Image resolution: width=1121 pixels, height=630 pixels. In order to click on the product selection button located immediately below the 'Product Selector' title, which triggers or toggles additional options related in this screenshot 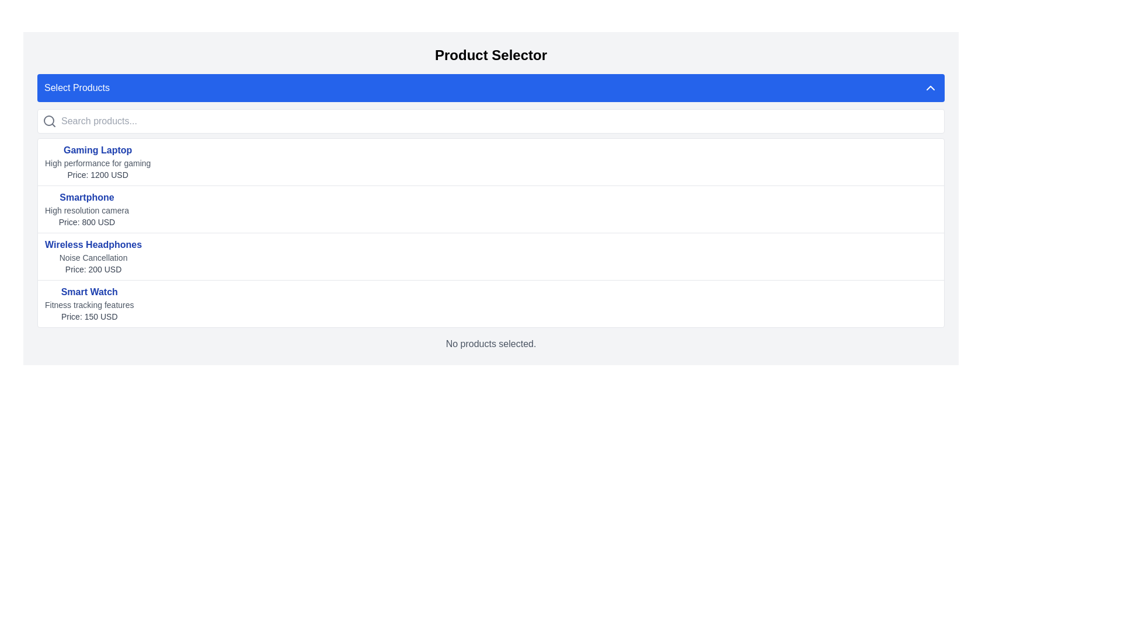, I will do `click(490, 87)`.